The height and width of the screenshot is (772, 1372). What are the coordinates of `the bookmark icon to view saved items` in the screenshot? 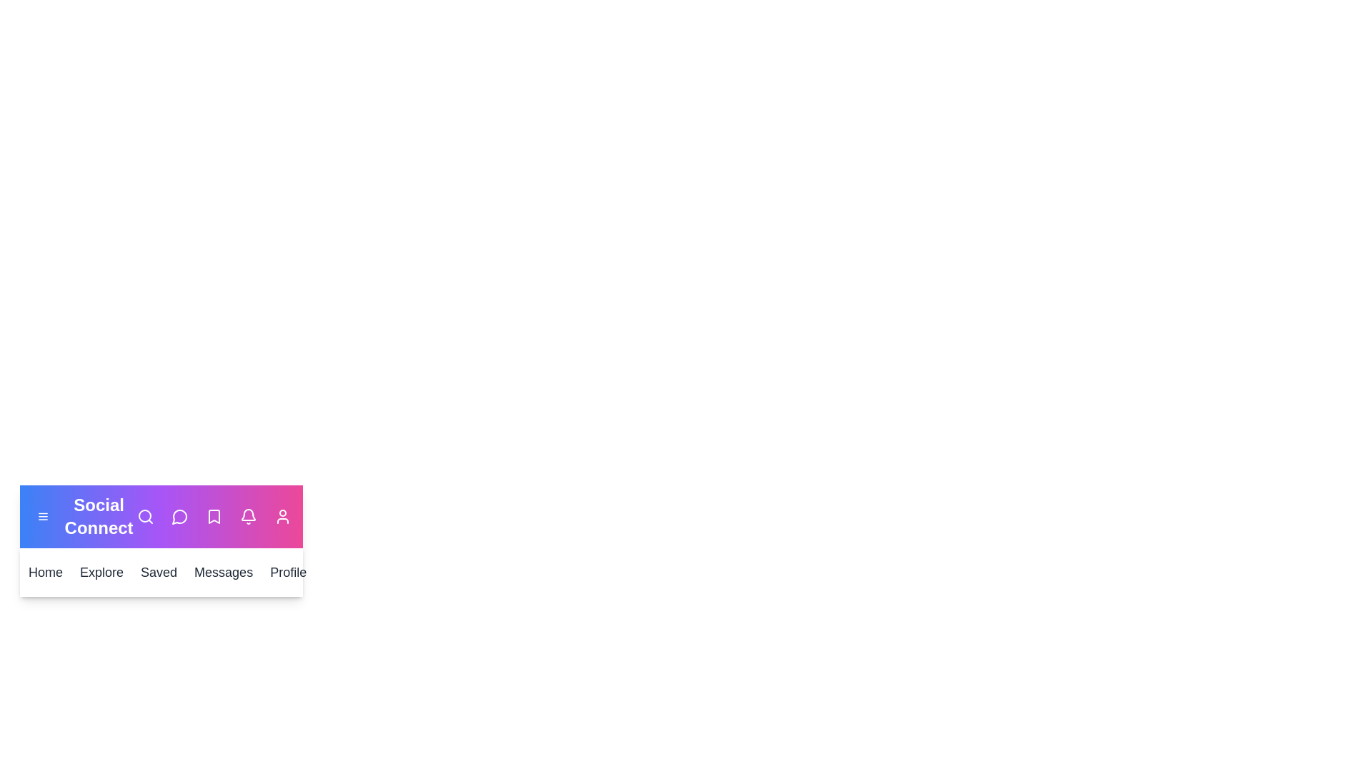 It's located at (213, 516).